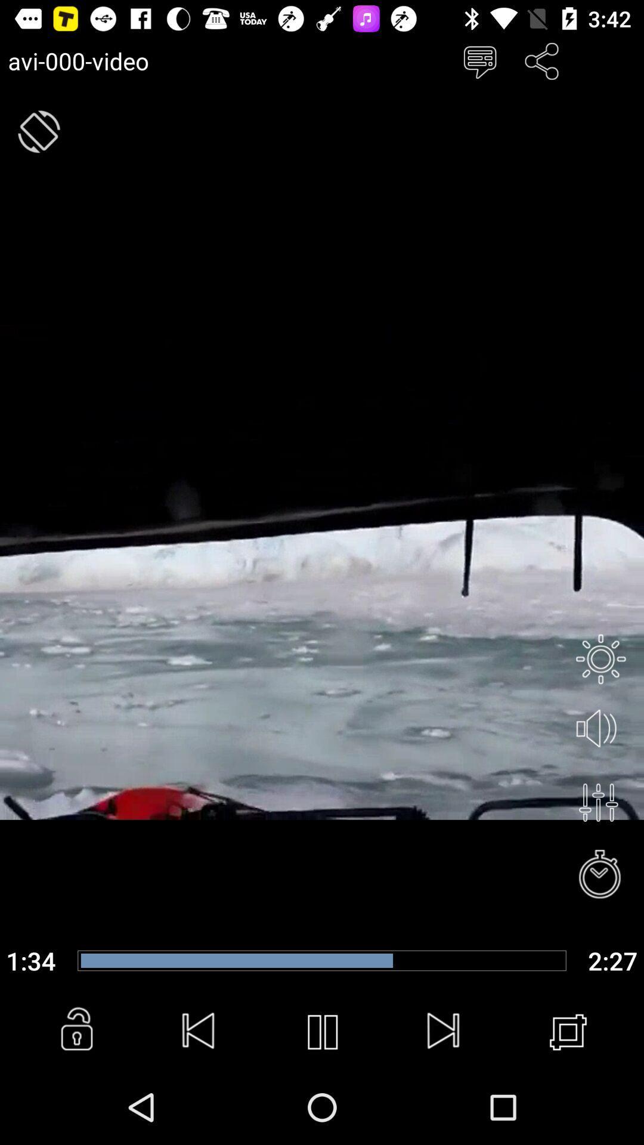 The width and height of the screenshot is (644, 1145). I want to click on next button, so click(444, 1032).